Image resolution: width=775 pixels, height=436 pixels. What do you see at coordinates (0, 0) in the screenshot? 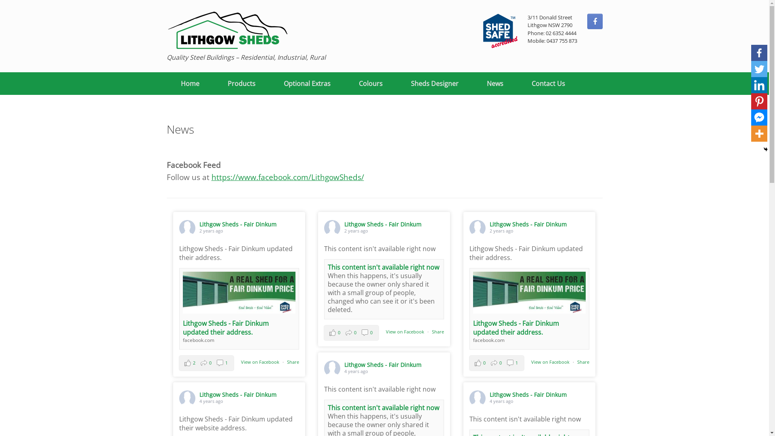
I see `'Skip to content'` at bounding box center [0, 0].